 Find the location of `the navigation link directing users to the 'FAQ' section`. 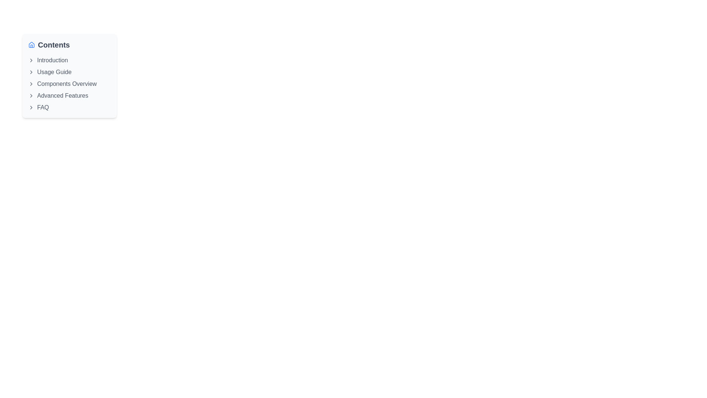

the navigation link directing users to the 'FAQ' section is located at coordinates (69, 108).